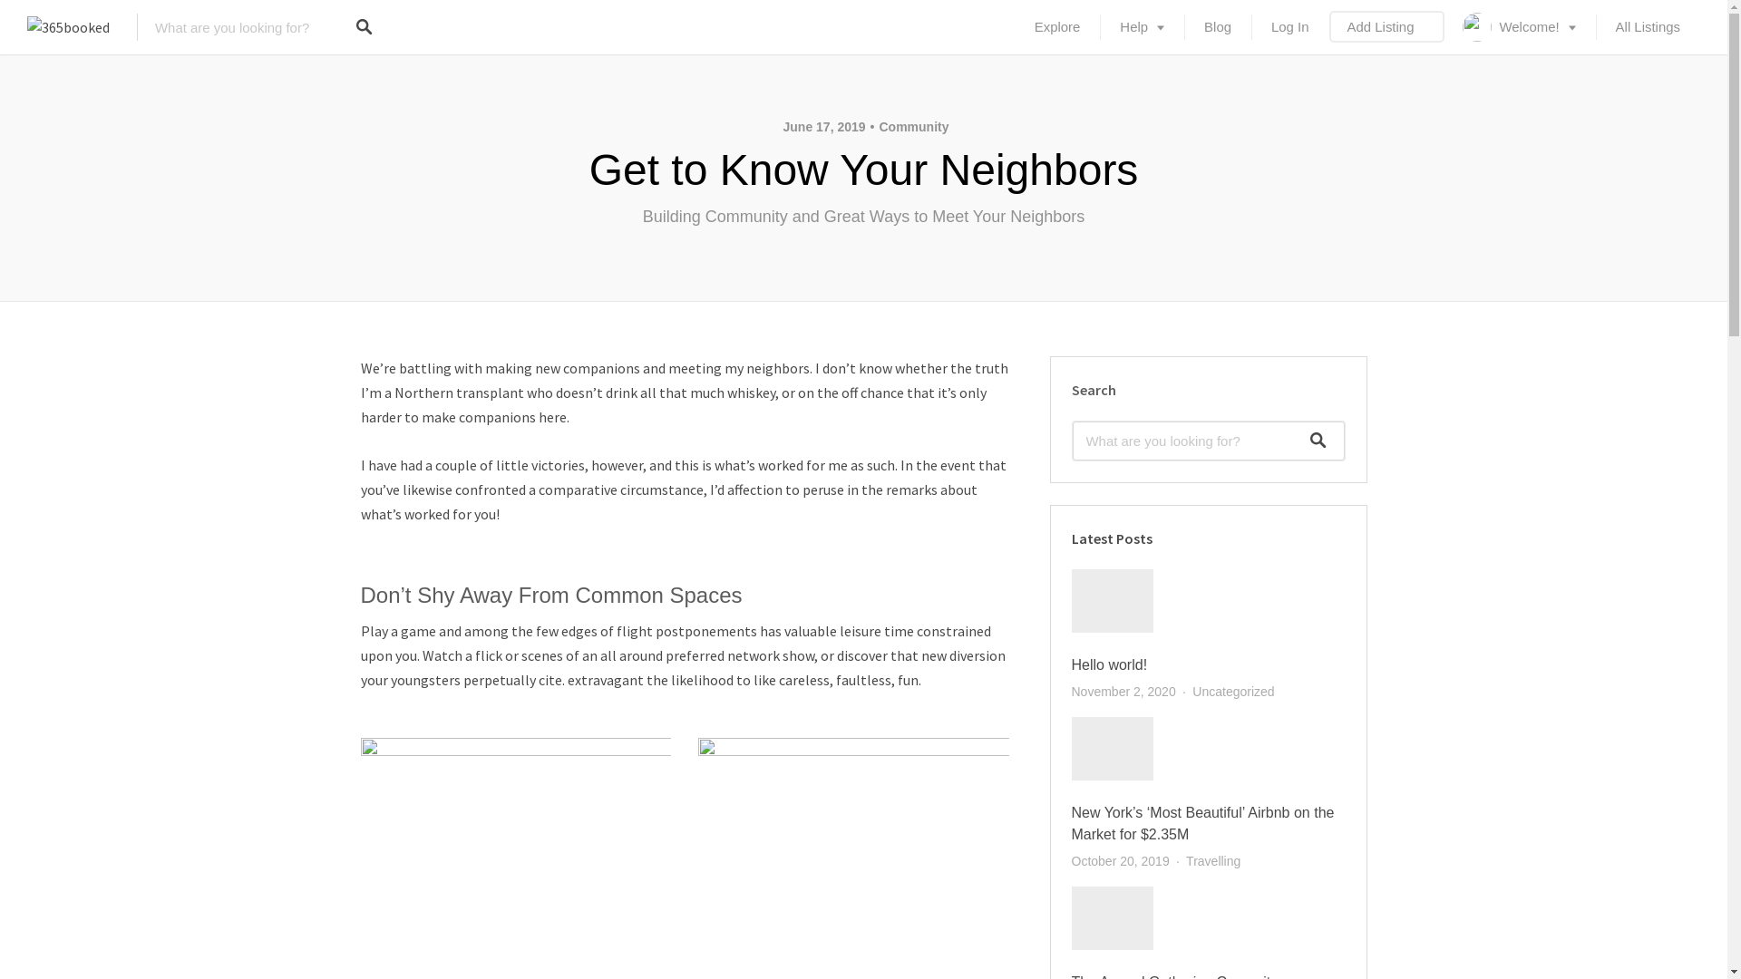 The image size is (1741, 979). What do you see at coordinates (823, 125) in the screenshot?
I see `'June 17, 2019'` at bounding box center [823, 125].